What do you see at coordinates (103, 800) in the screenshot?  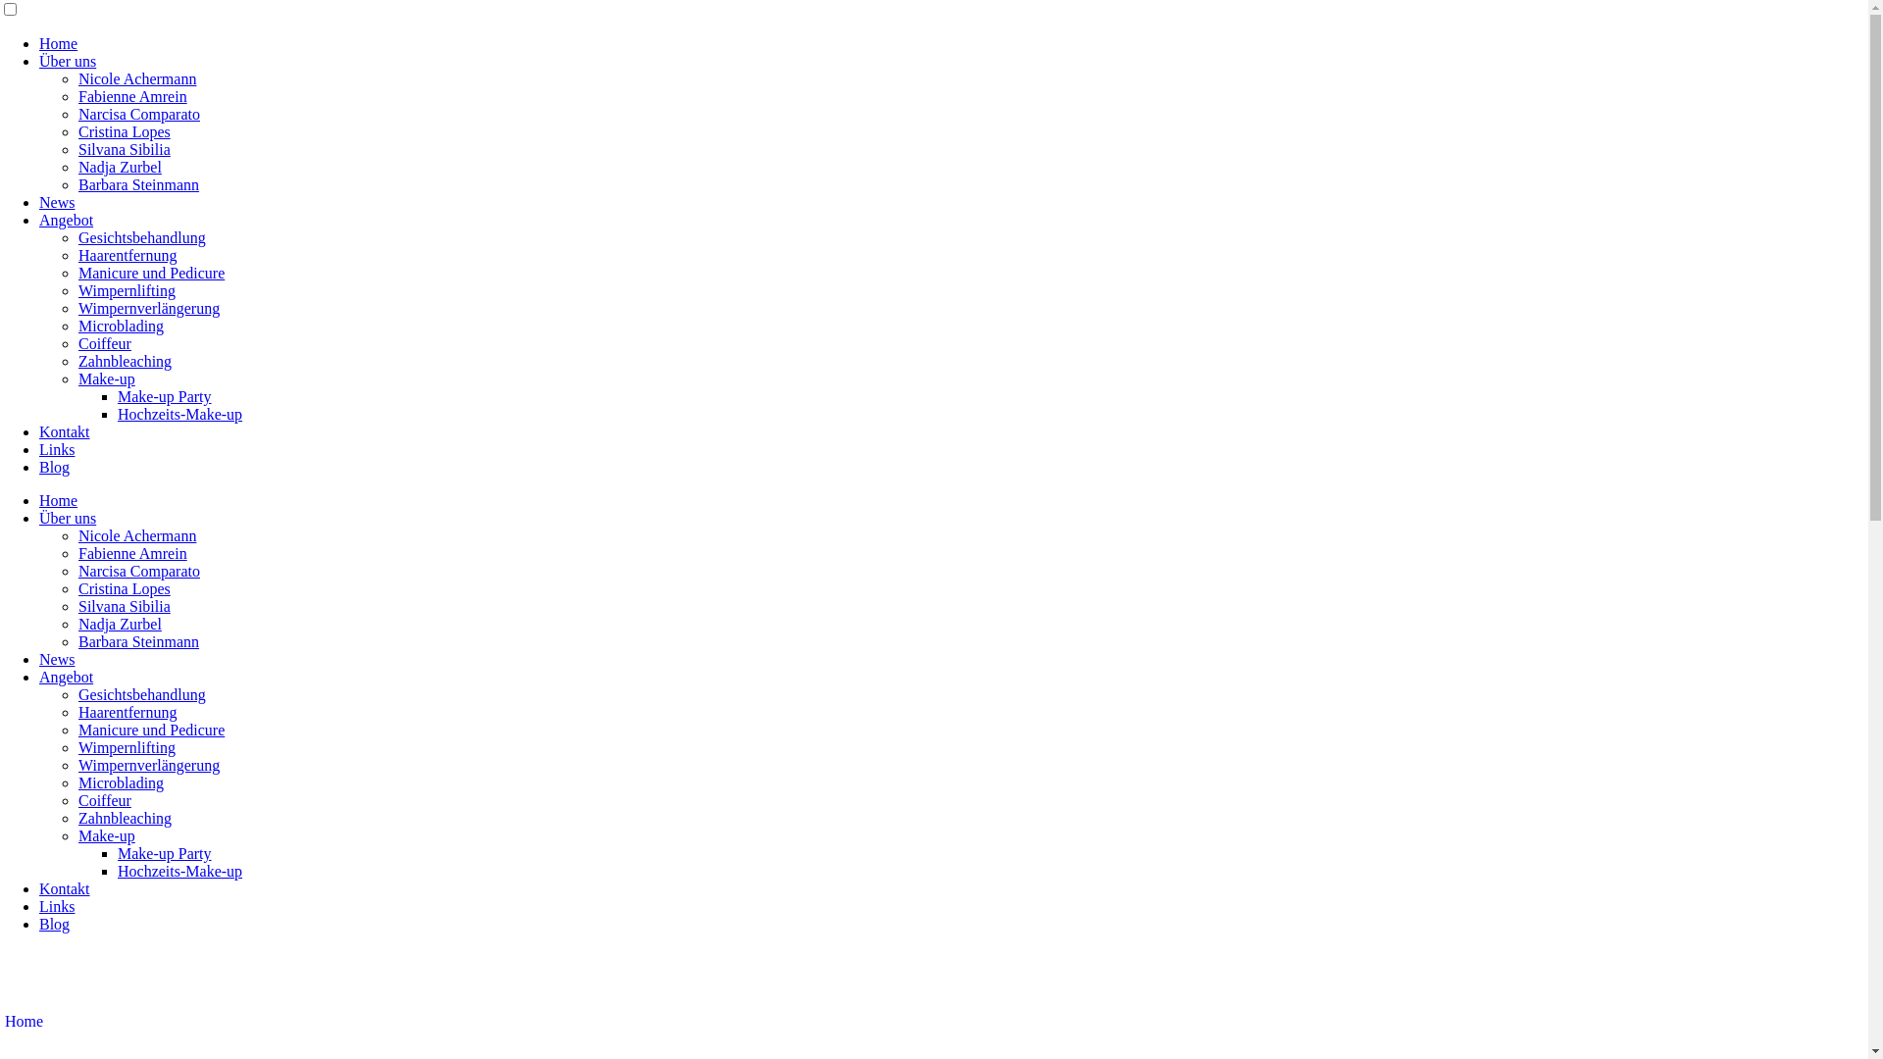 I see `'Coiffeur'` at bounding box center [103, 800].